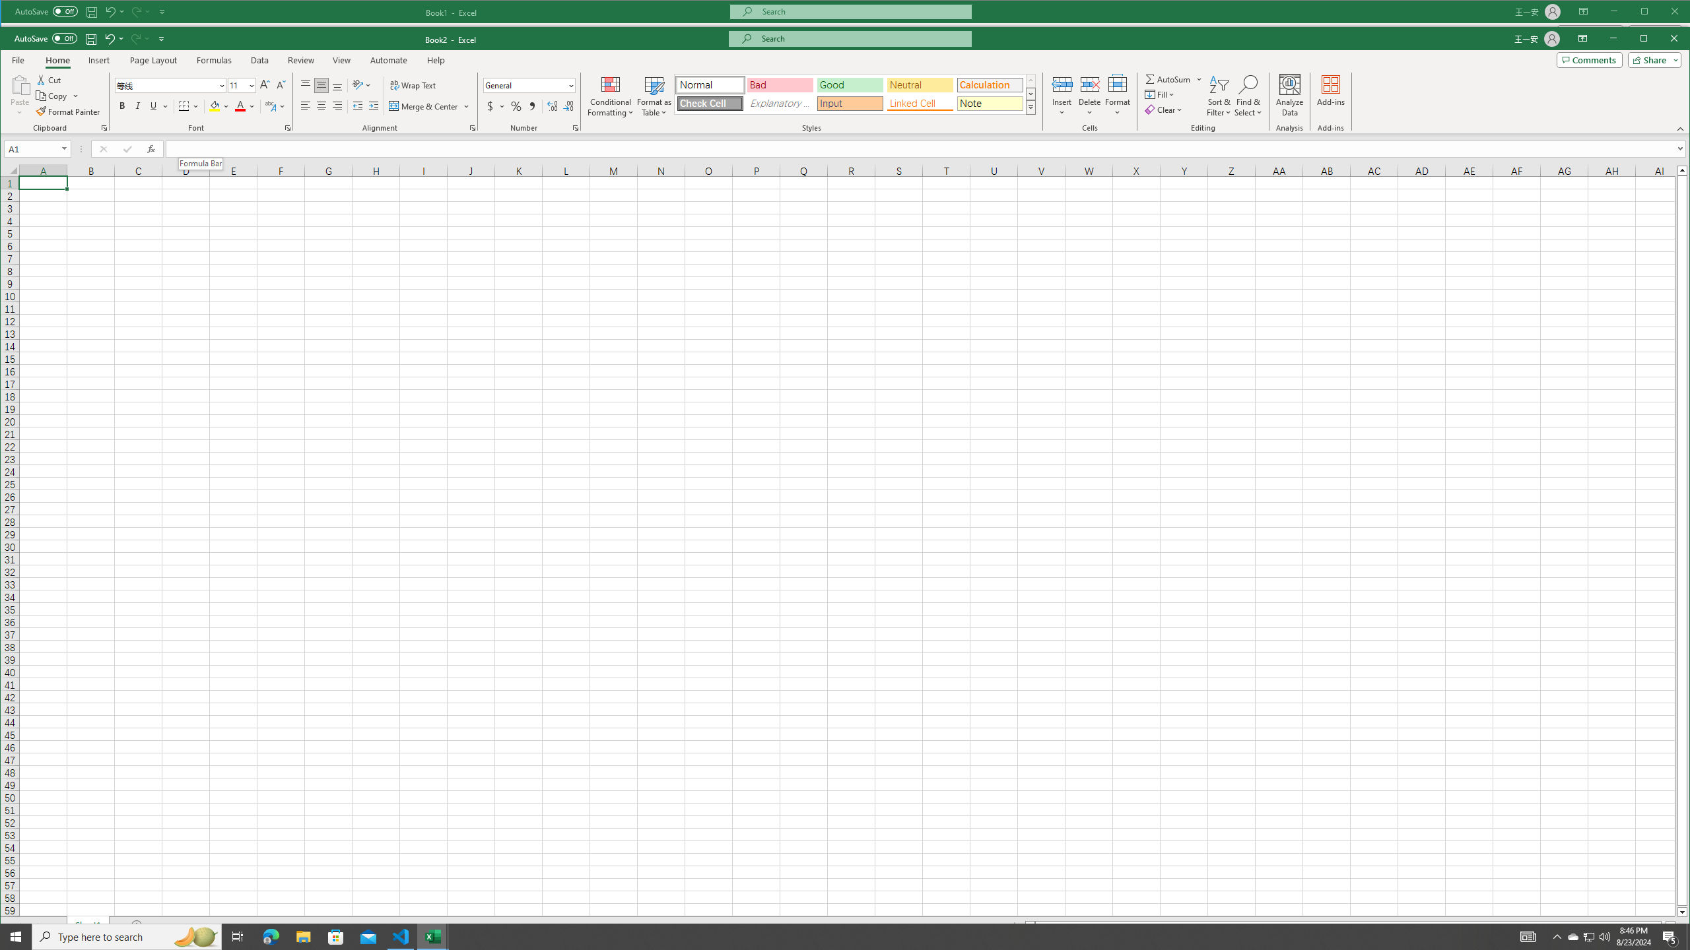 This screenshot has width=1690, height=950. Describe the element at coordinates (1061, 96) in the screenshot. I see `'Insert'` at that location.